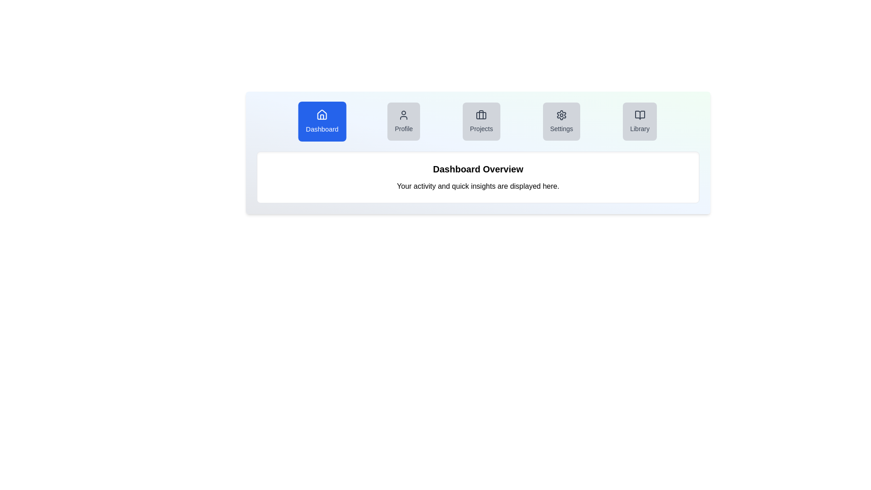  What do you see at coordinates (561, 115) in the screenshot?
I see `the gear icon within the 'Settings' button` at bounding box center [561, 115].